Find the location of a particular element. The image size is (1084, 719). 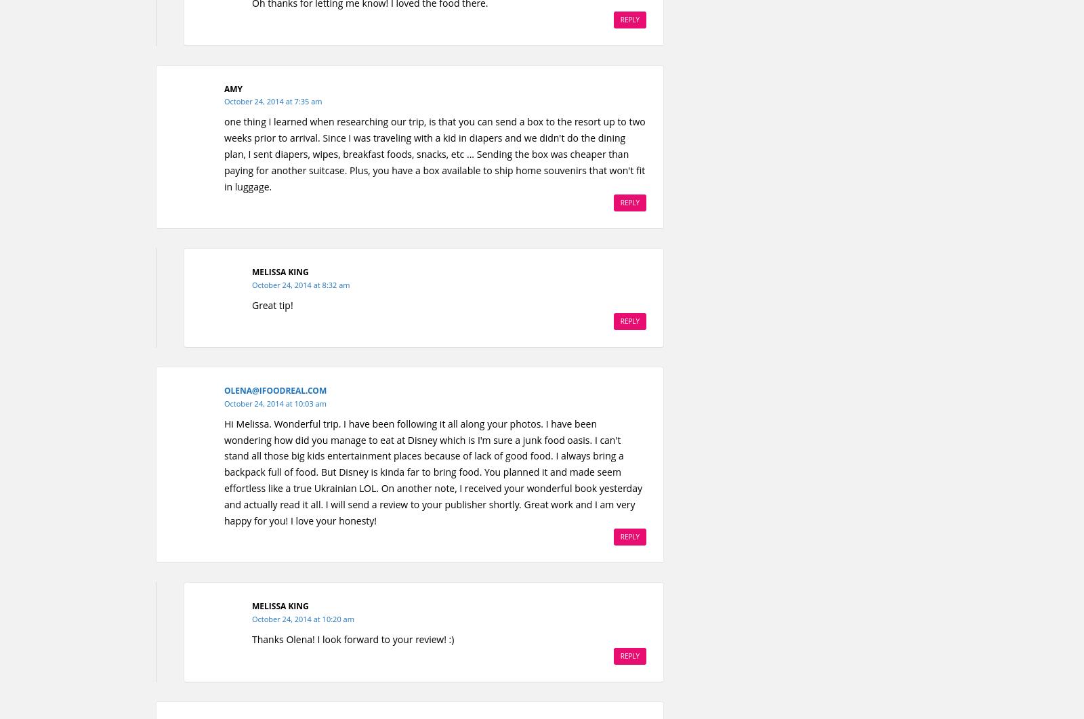

'October 24, 2014 at 10:03 am' is located at coordinates (274, 402).